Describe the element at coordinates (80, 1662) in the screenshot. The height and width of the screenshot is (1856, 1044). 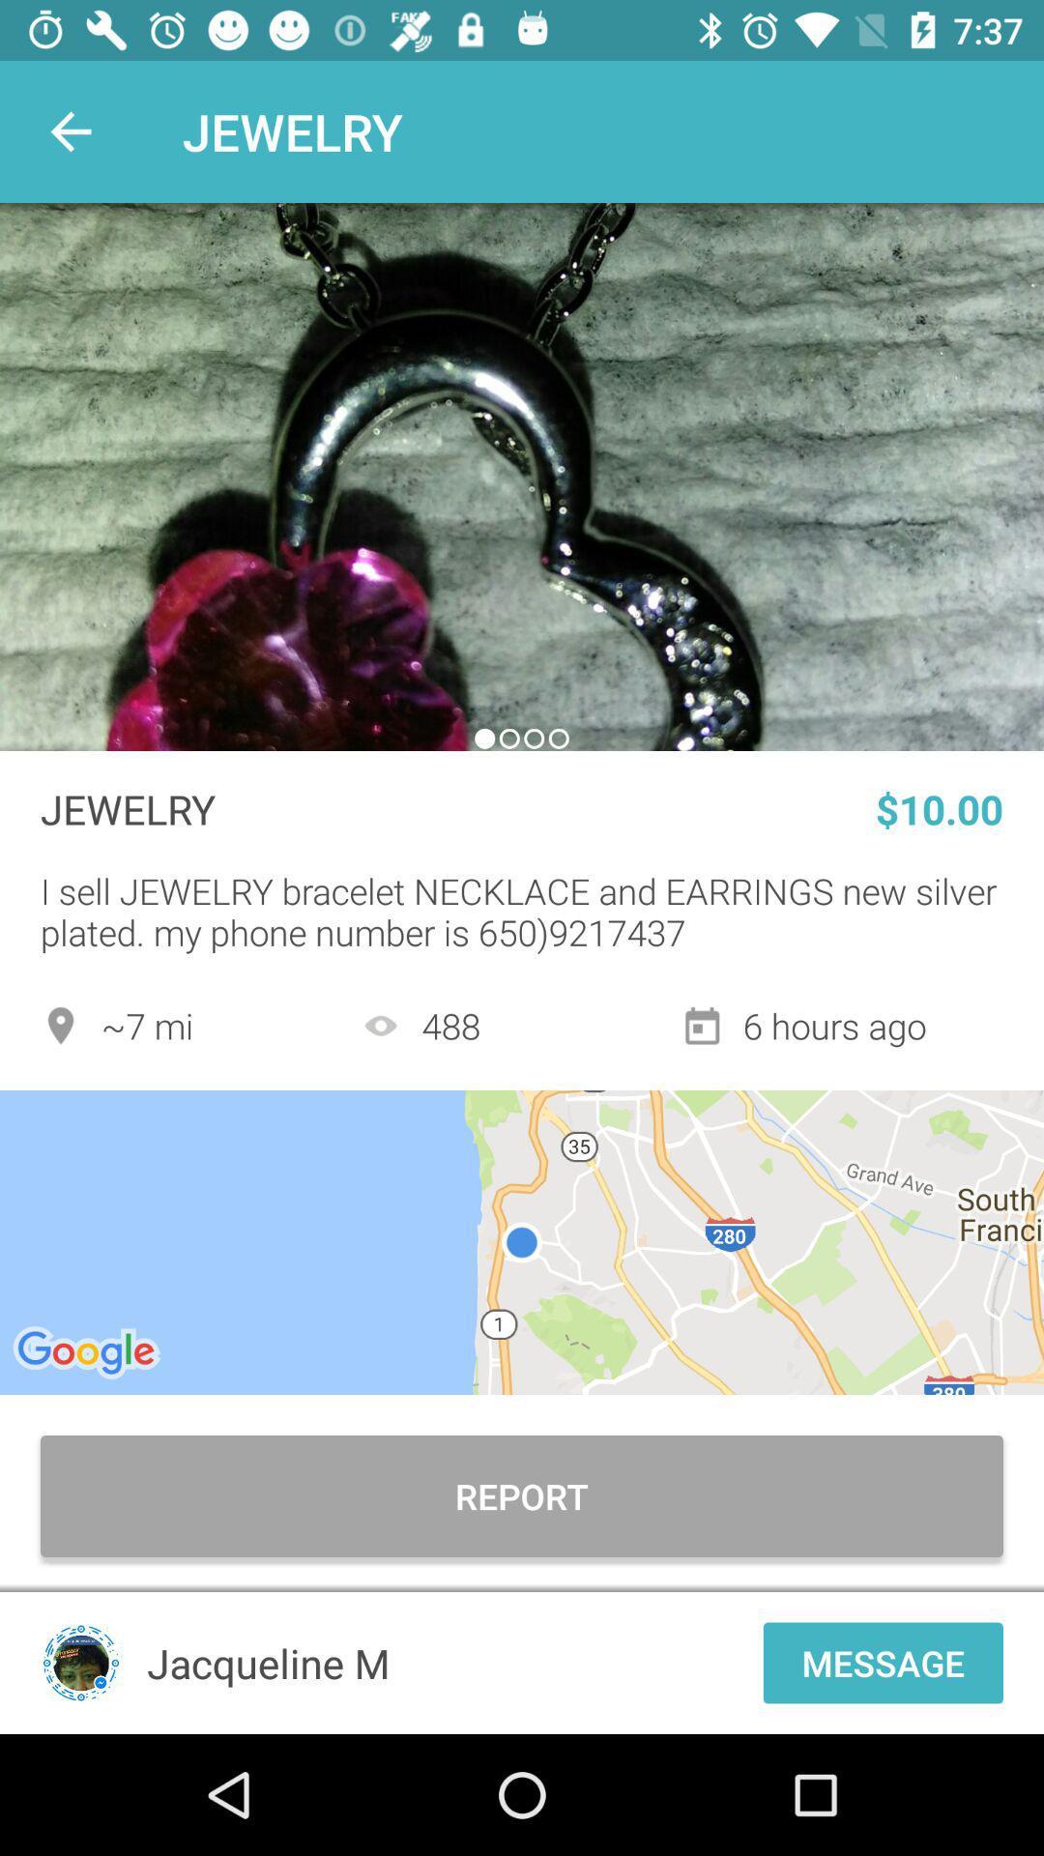
I see `profile picture` at that location.